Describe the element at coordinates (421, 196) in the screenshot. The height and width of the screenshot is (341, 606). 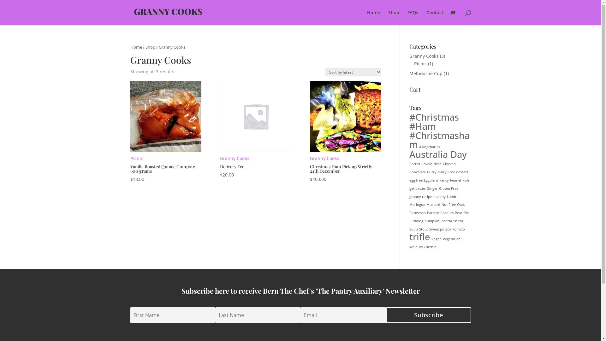
I see `'granny recipe'` at that location.